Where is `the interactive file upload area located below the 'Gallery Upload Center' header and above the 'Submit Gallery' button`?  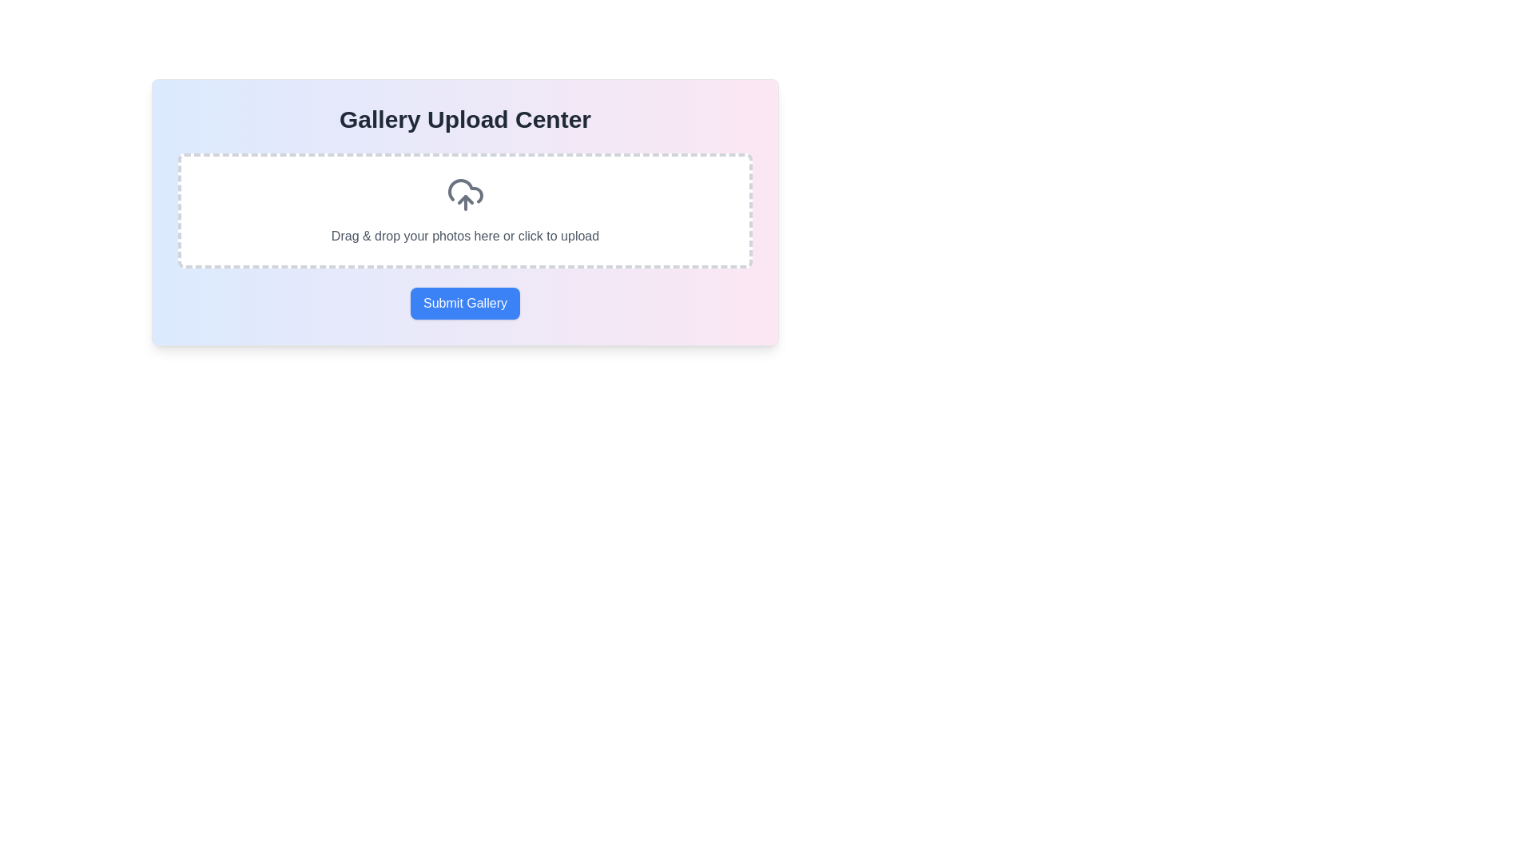
the interactive file upload area located below the 'Gallery Upload Center' header and above the 'Submit Gallery' button is located at coordinates (464, 209).